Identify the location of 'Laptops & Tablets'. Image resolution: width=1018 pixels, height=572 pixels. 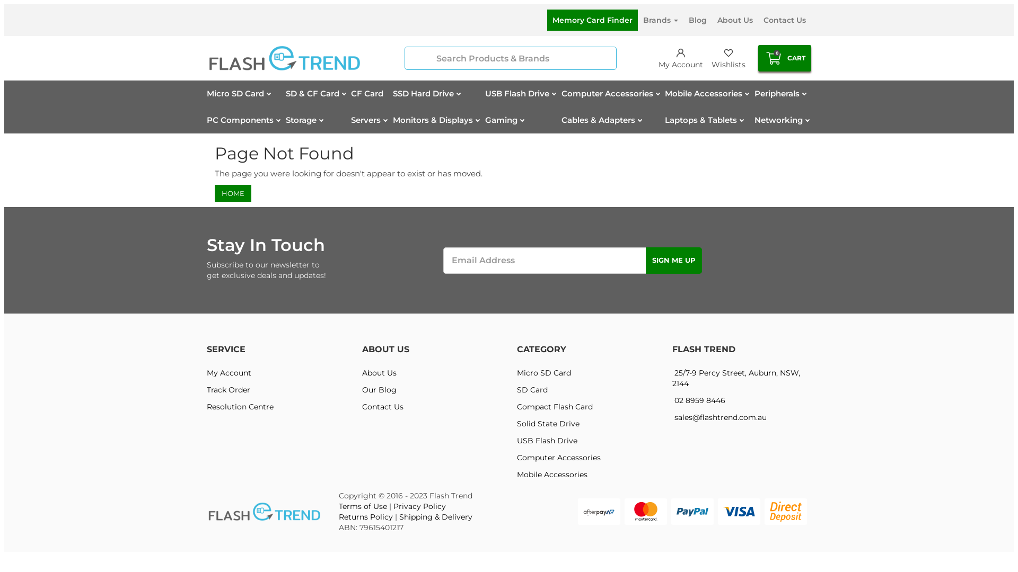
(705, 120).